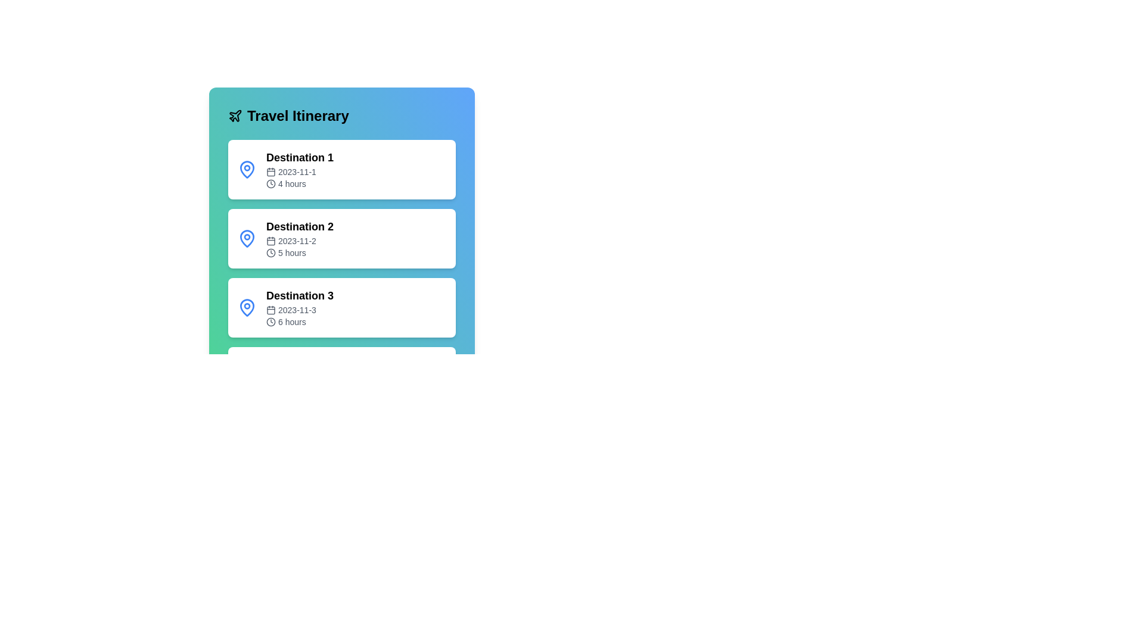 Image resolution: width=1144 pixels, height=643 pixels. What do you see at coordinates (271, 172) in the screenshot?
I see `the calendar icon that represents the date '2023-11-1', located at the top-left of the 'Destination 1' card, next to the text '2023-11-1'` at bounding box center [271, 172].